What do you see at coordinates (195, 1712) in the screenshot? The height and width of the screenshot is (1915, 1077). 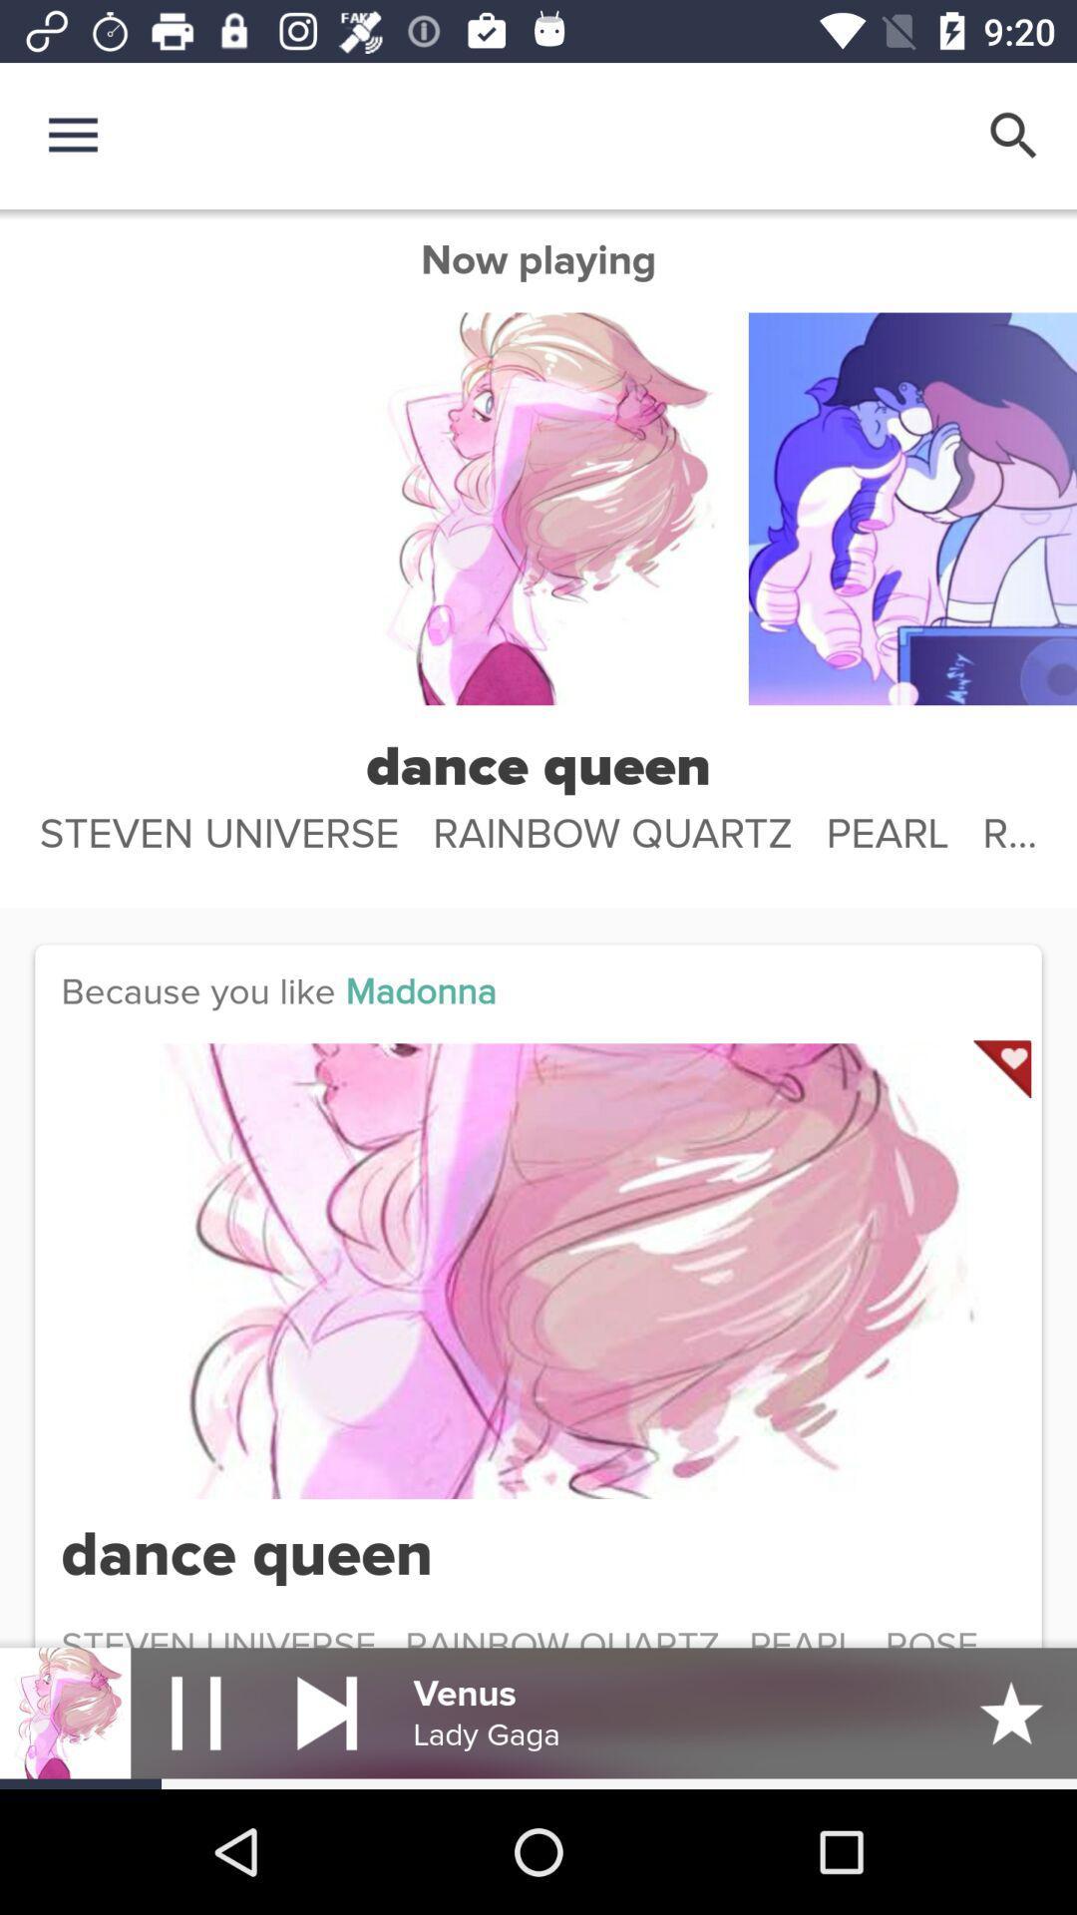 I see `the pause icon` at bounding box center [195, 1712].